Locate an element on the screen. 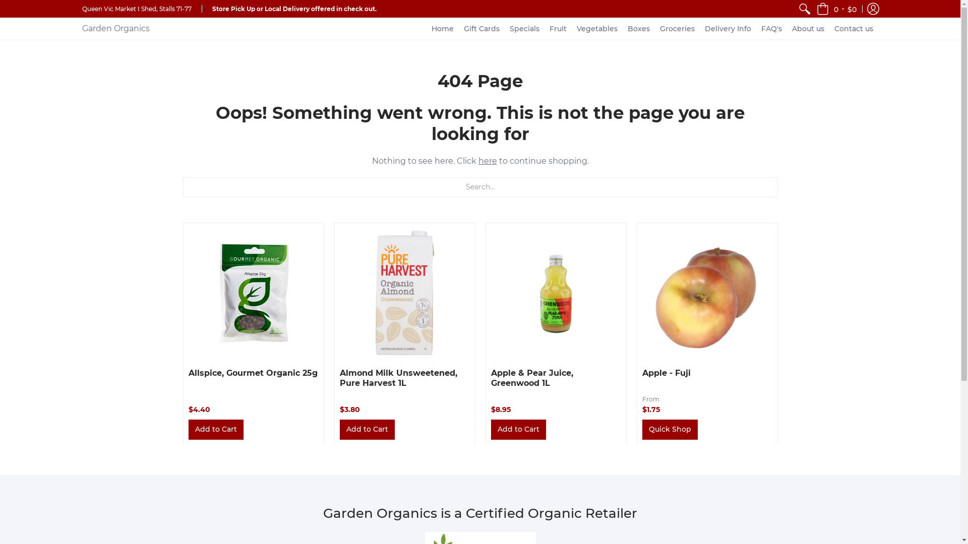  'Delivery Info' is located at coordinates (728, 28).